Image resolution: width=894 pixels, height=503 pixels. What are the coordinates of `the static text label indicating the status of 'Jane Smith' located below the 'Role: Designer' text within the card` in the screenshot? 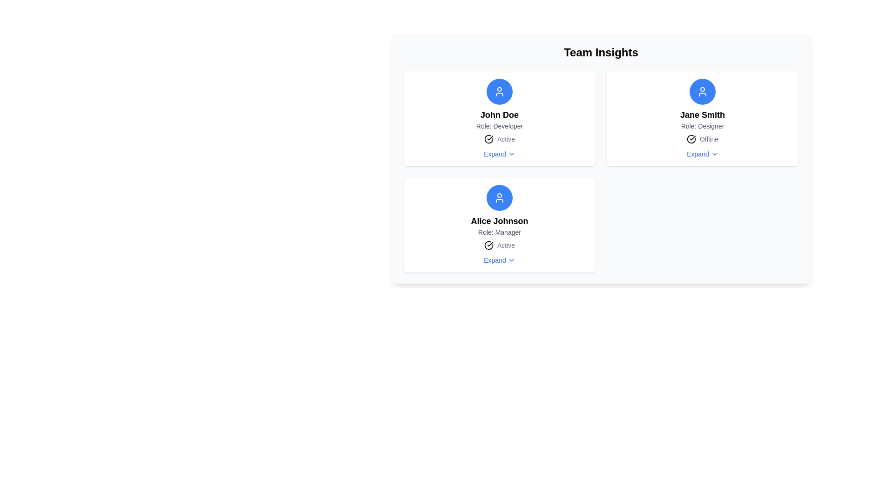 It's located at (708, 139).